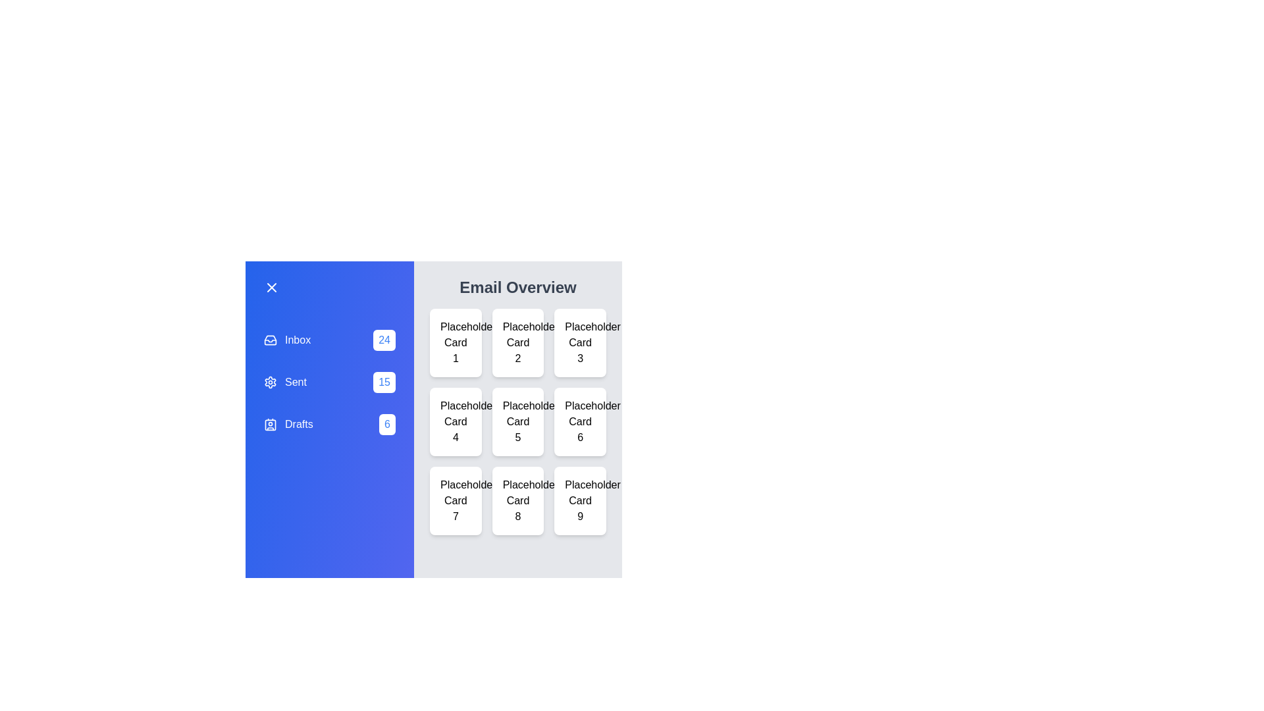 This screenshot has width=1264, height=711. Describe the element at coordinates (329, 286) in the screenshot. I see `toggle button to change the sidebar visibility` at that location.